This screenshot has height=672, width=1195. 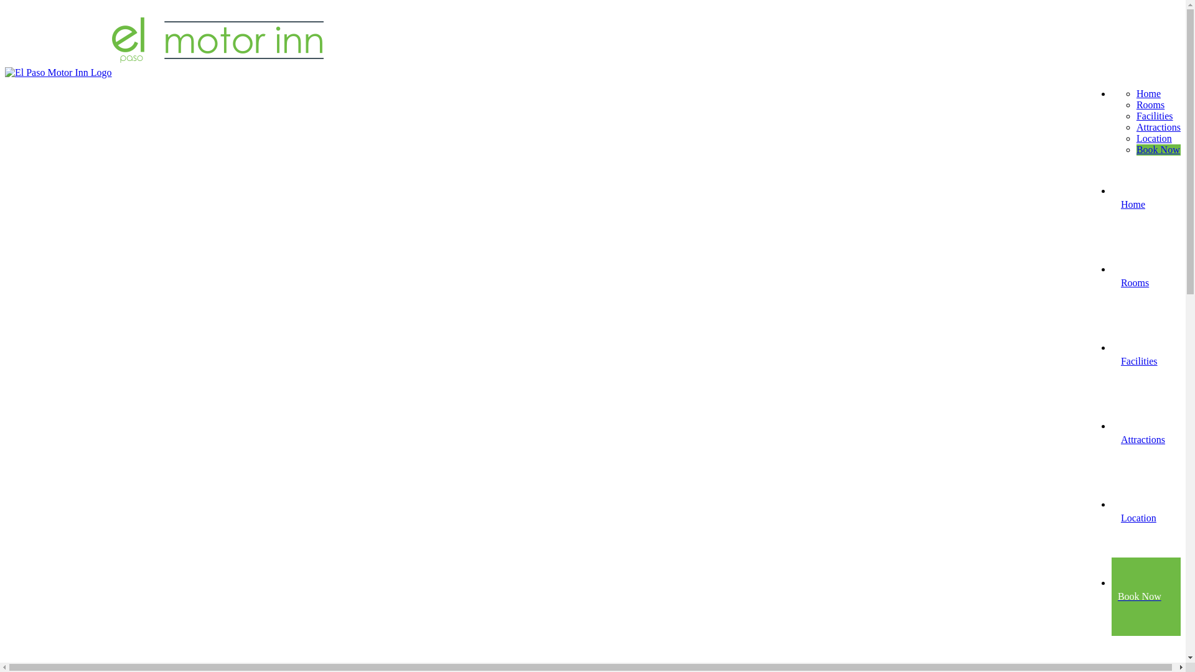 I want to click on 'Home', so click(x=1148, y=93).